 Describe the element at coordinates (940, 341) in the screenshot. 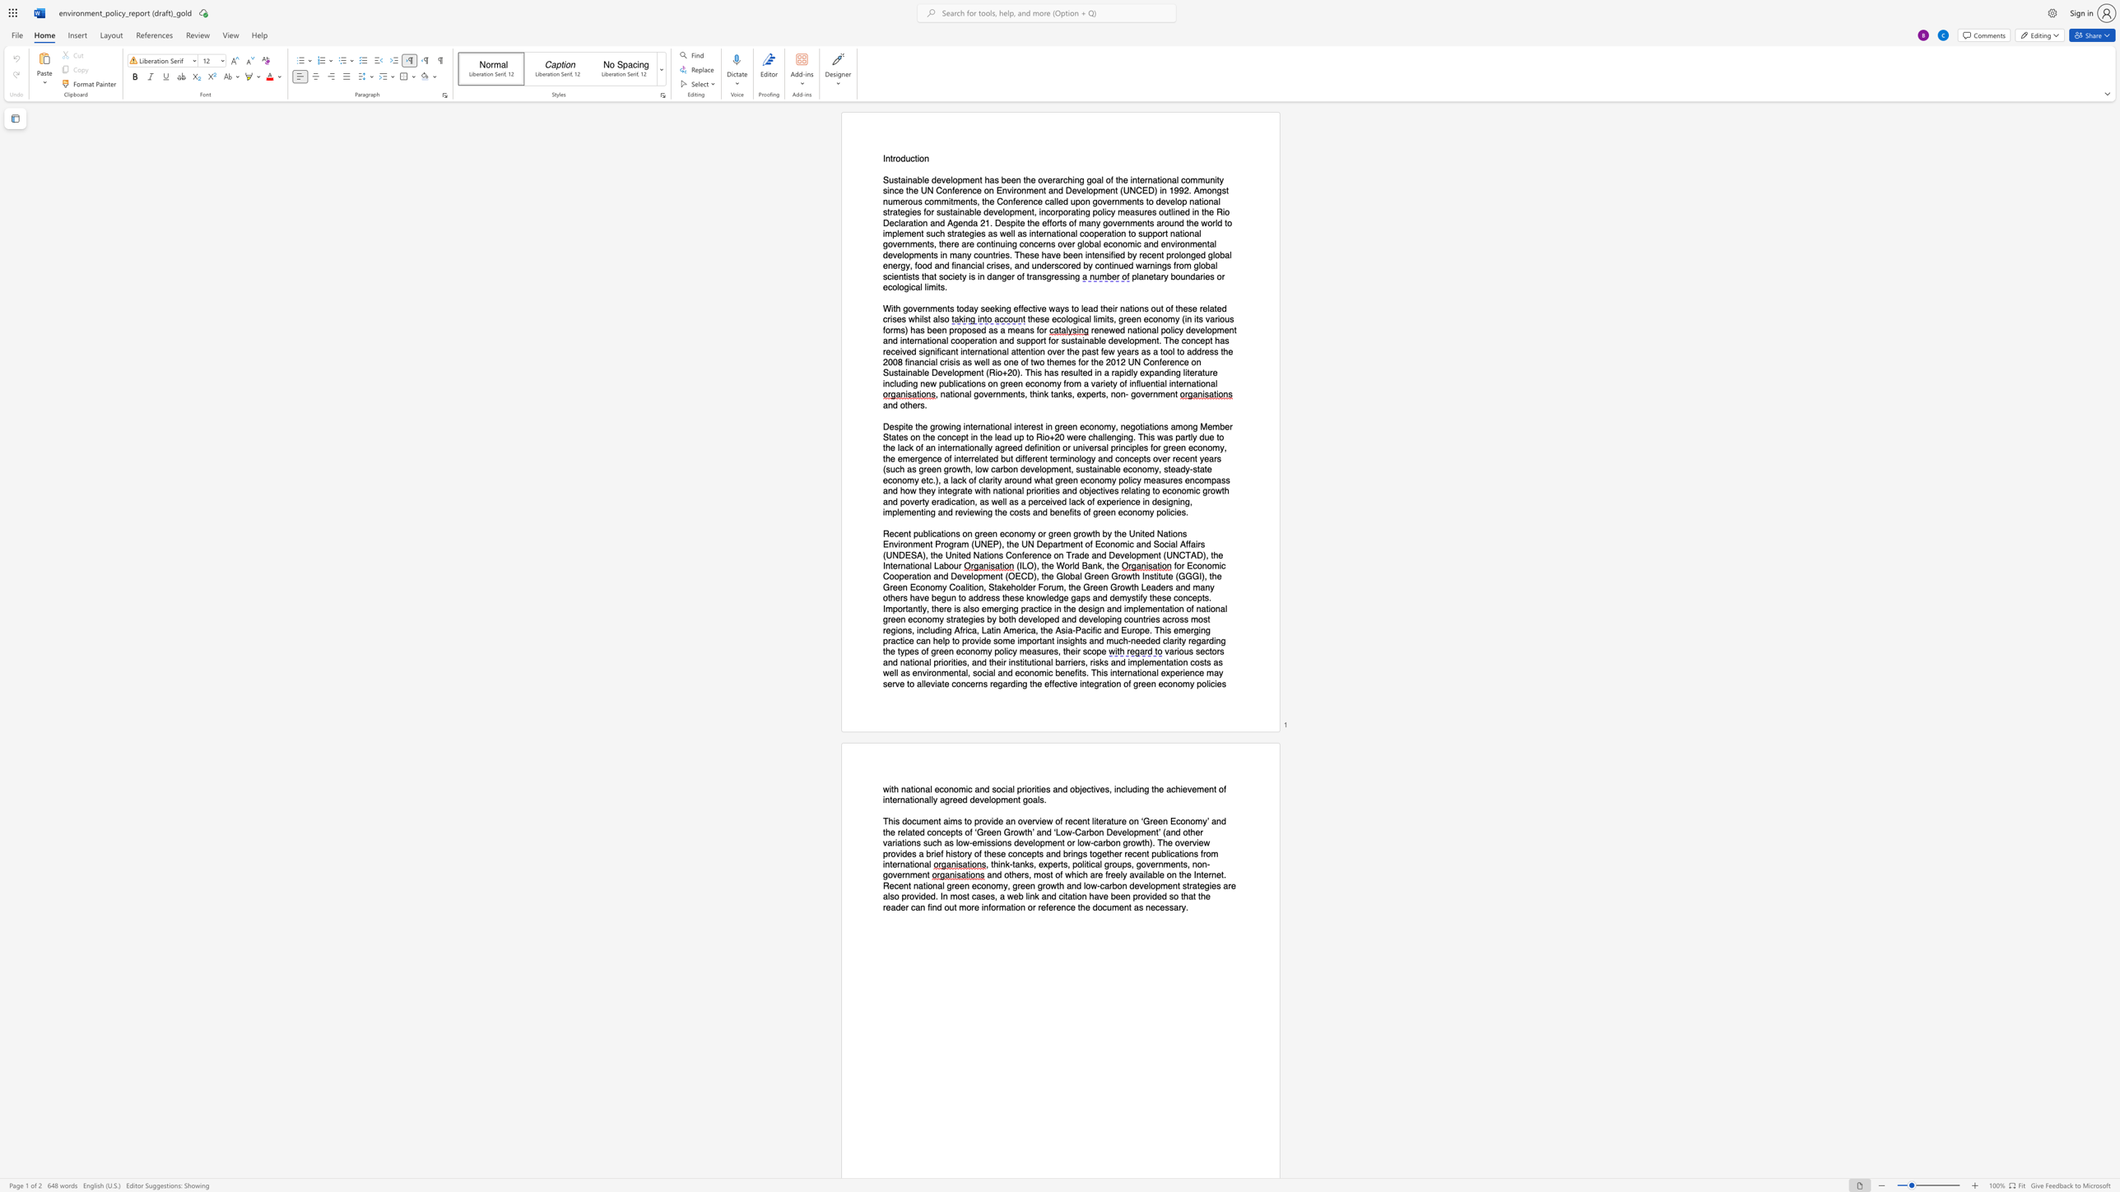

I see `the subset text "al cooperation and support for sustainable development. The concept has received significant international attention over the pa" within the text "renewed national policy development and international cooperation and support for sustainable development. The concept has received significant international attention over the past few years as a tool to address the 2008"` at that location.